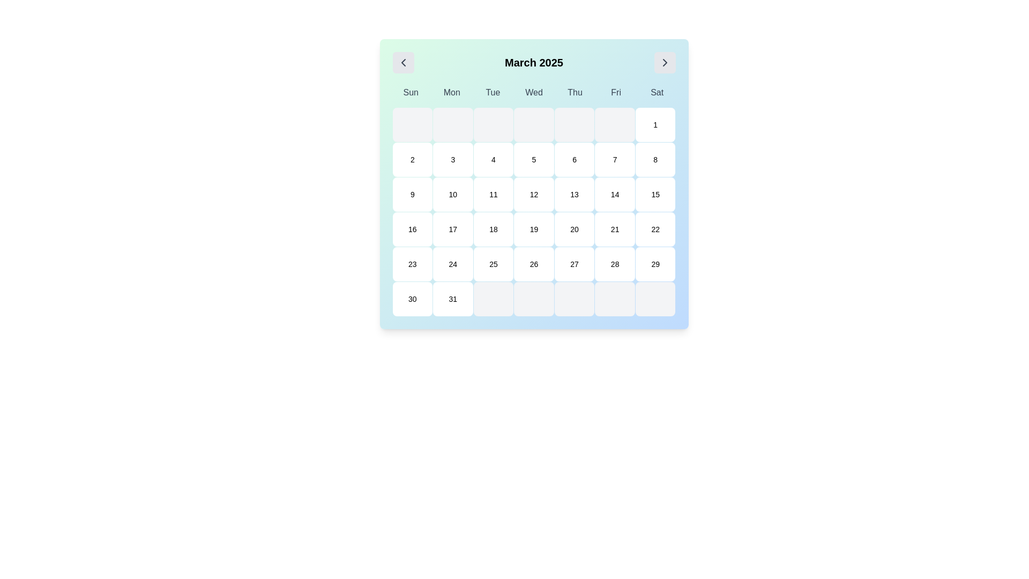 The height and width of the screenshot is (579, 1029). I want to click on the button representing the 31st of March 2025 in the calendar, so click(453, 299).